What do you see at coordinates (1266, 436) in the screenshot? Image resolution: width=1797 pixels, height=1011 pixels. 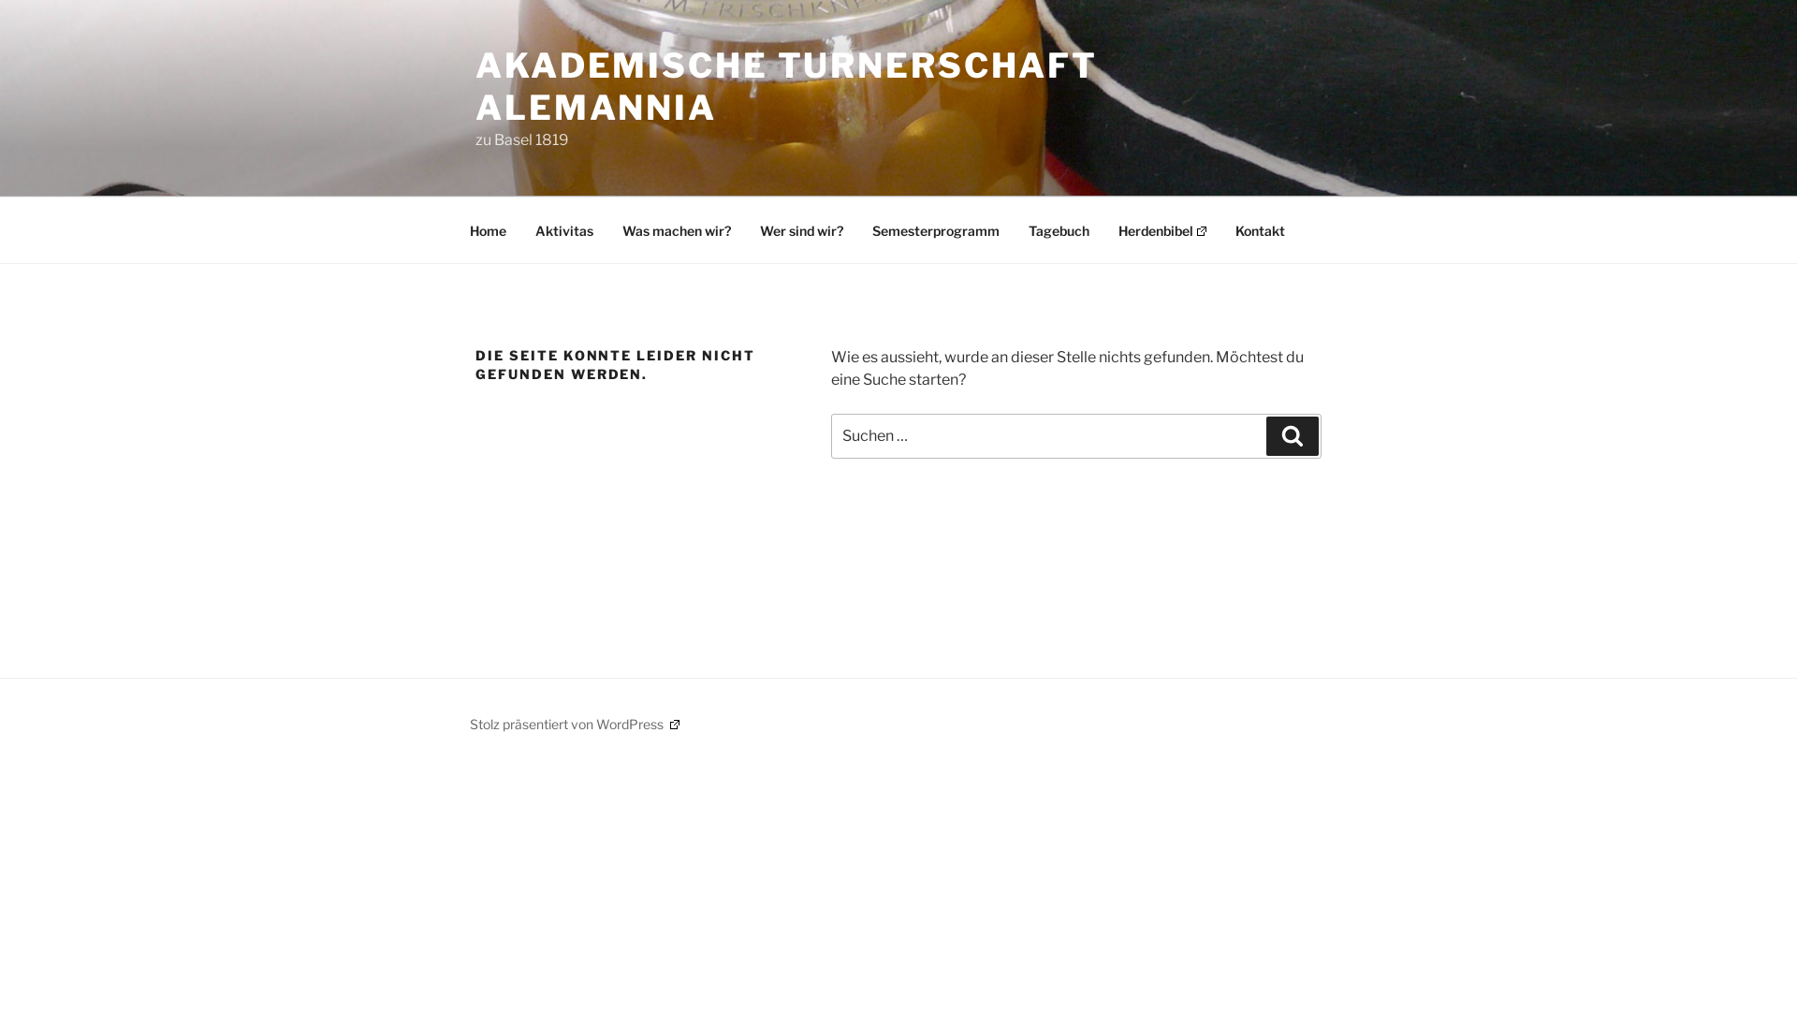 I see `'Suchen'` at bounding box center [1266, 436].